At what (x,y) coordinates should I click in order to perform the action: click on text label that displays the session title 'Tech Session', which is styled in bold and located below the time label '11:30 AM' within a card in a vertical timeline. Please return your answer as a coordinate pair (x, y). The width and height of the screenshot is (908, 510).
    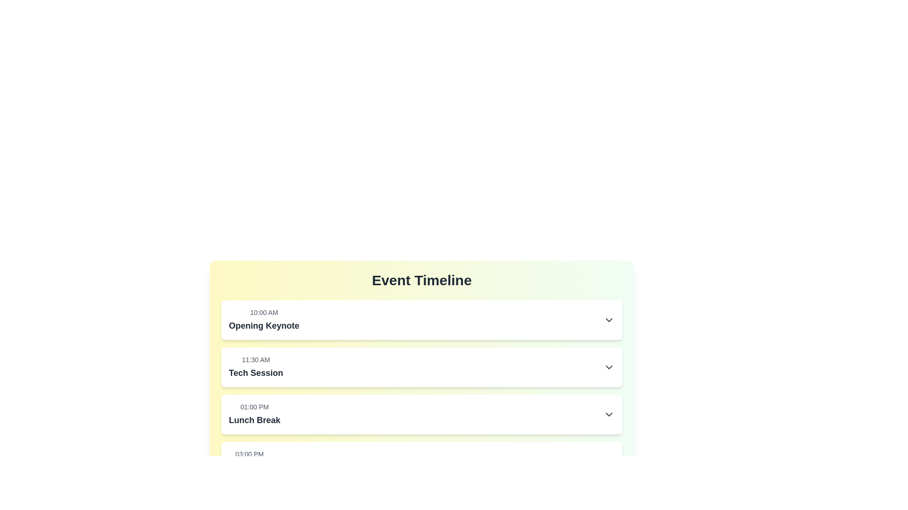
    Looking at the image, I should click on (256, 373).